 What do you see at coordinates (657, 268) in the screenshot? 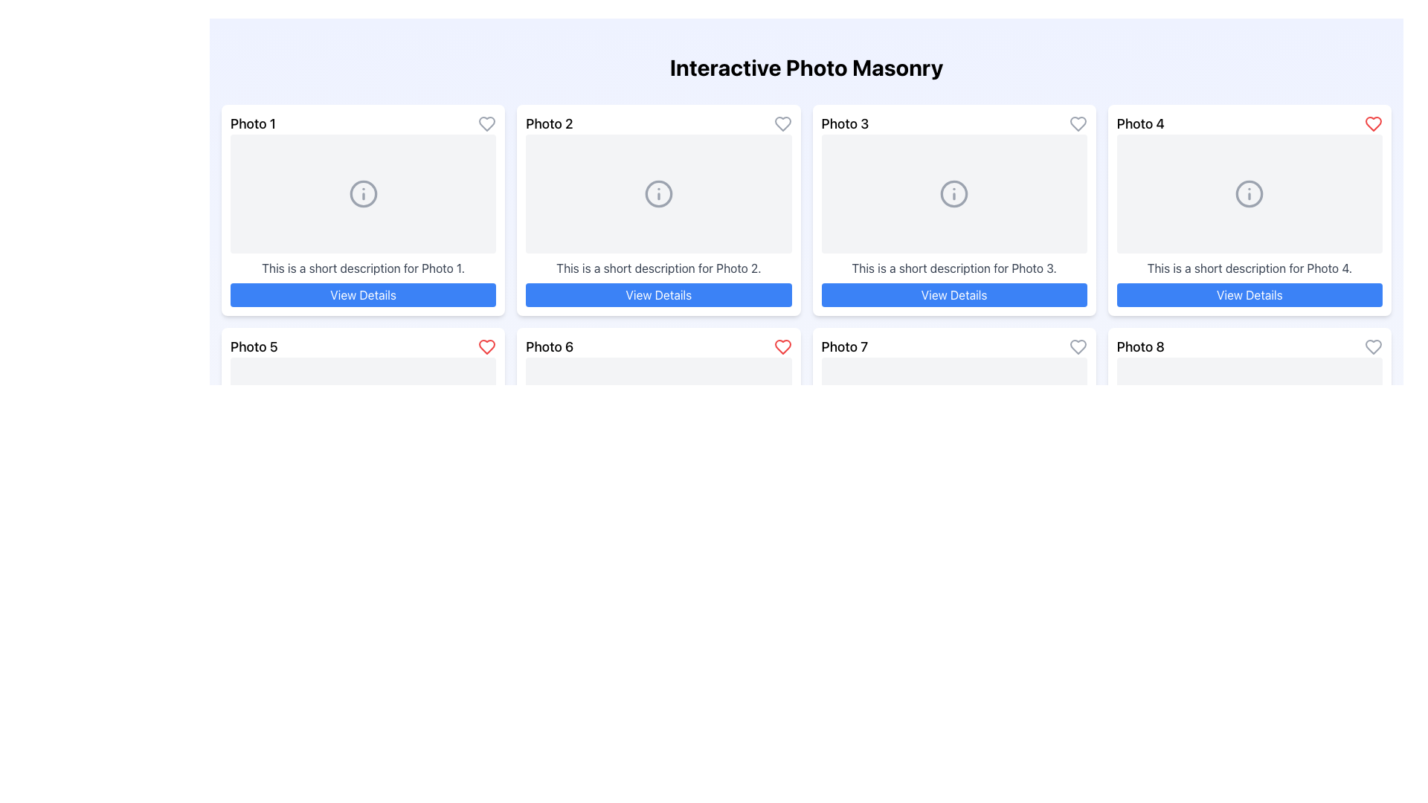
I see `the static text element that describes 'This is a short description for Photo 2.' located below the photo and above the 'View Details' button` at bounding box center [657, 268].